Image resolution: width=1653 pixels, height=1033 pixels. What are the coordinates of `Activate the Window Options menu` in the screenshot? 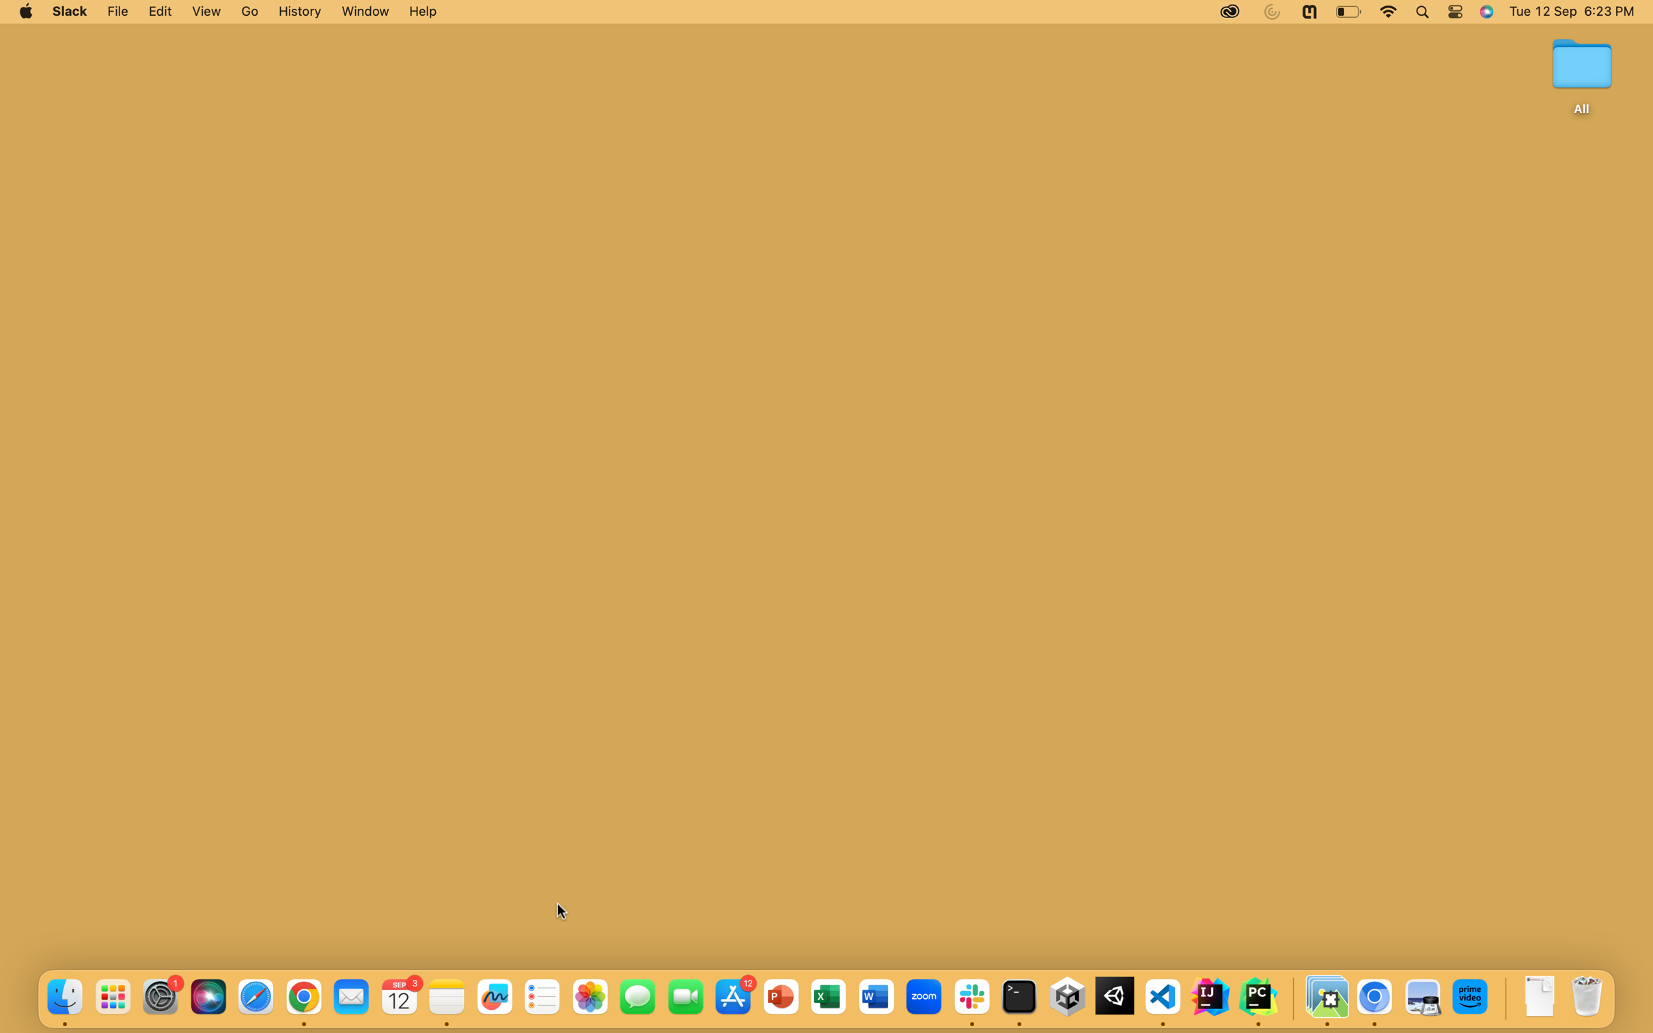 It's located at (363, 12).